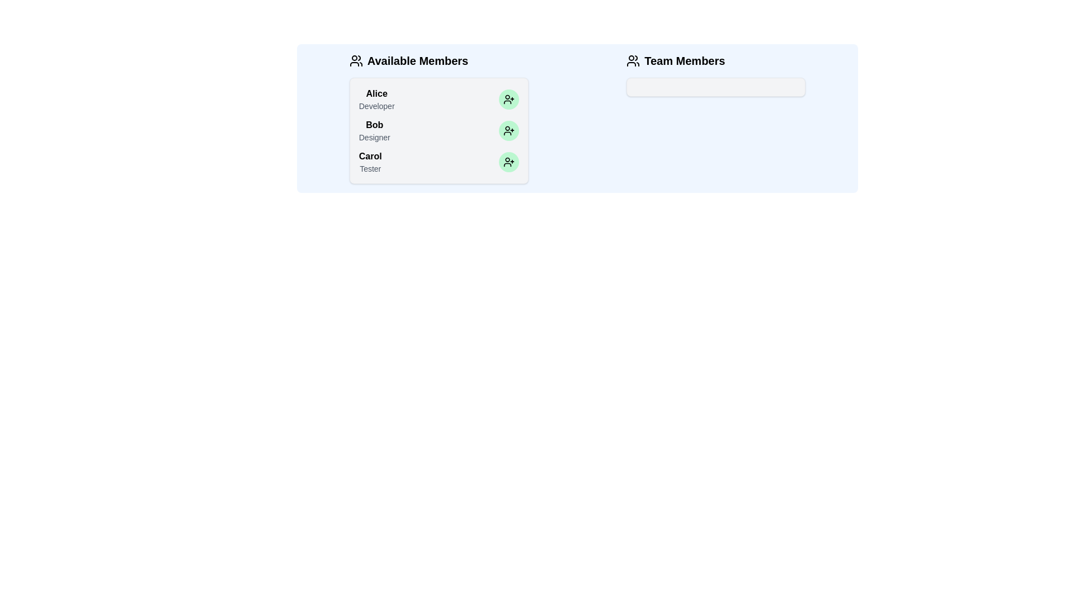 This screenshot has height=604, width=1074. What do you see at coordinates (508, 130) in the screenshot?
I see `the green button next to the name of Bob to transfer them to the team` at bounding box center [508, 130].